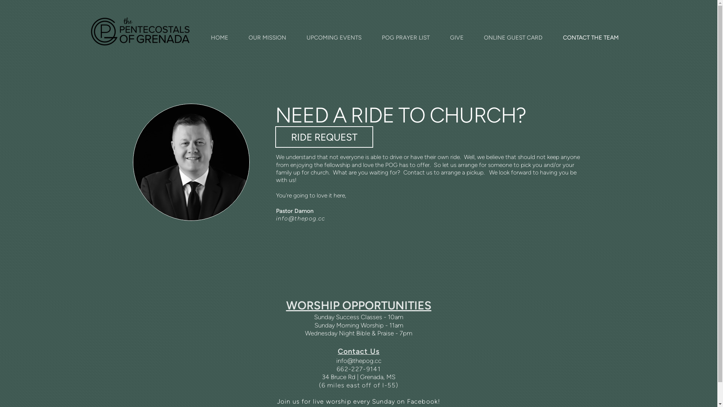 The width and height of the screenshot is (723, 407). What do you see at coordinates (218, 37) in the screenshot?
I see `'HOME'` at bounding box center [218, 37].